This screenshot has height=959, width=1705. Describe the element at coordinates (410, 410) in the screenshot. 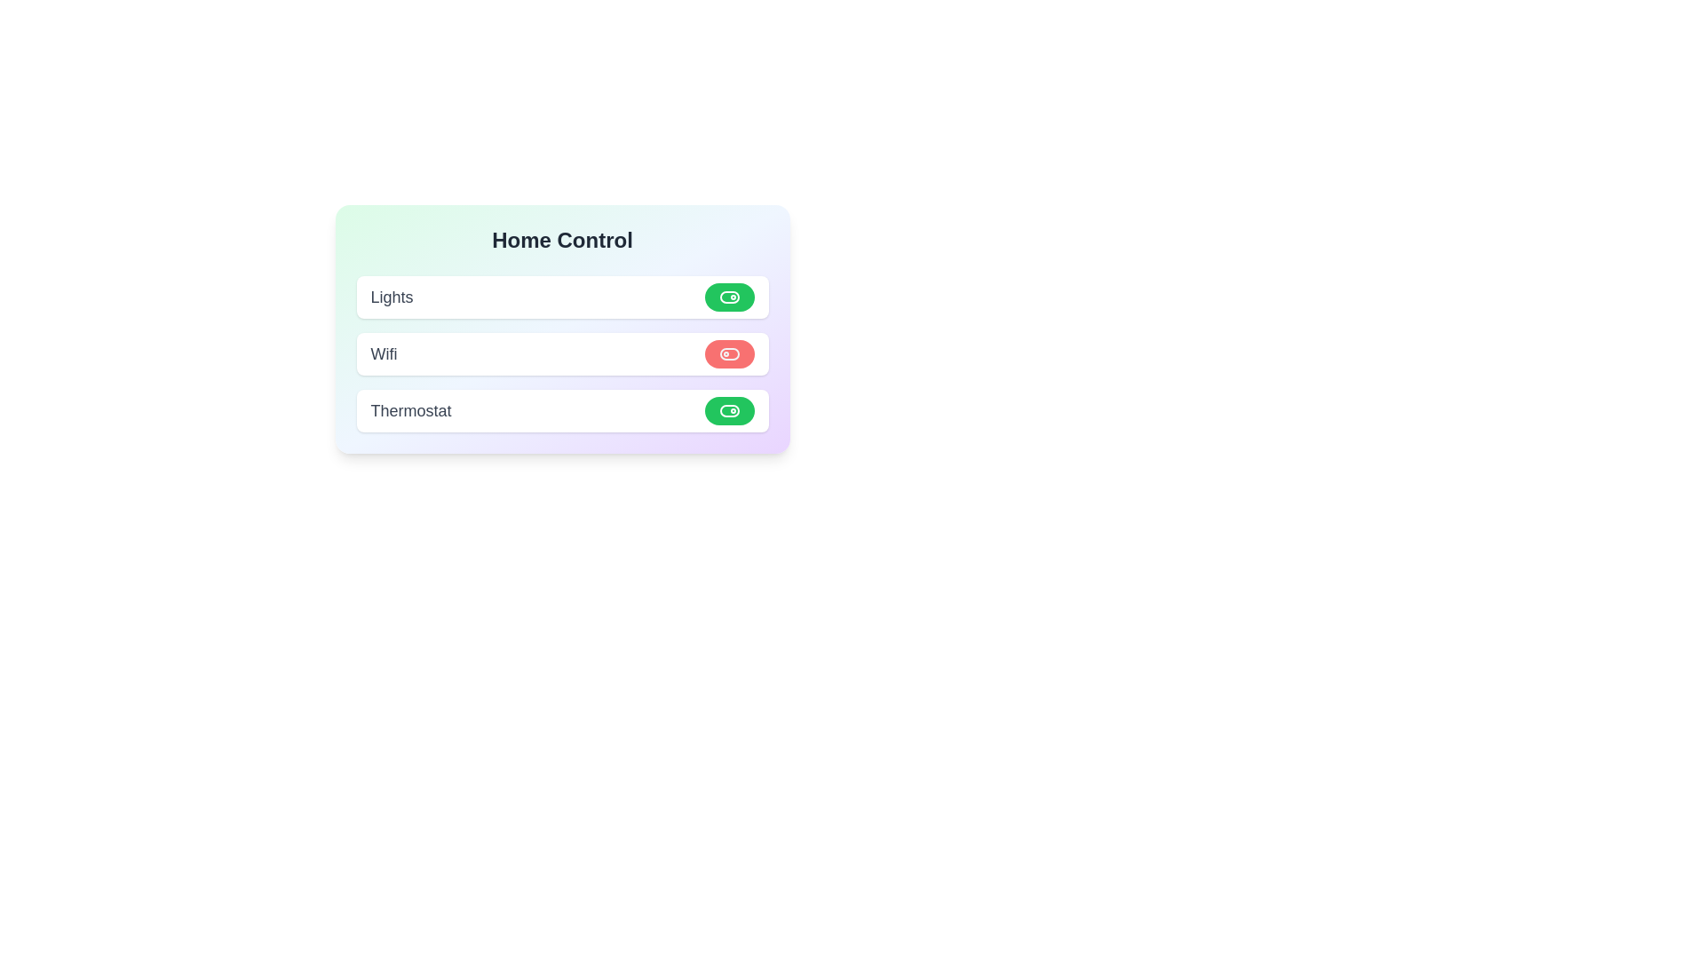

I see `the text label indicating the thermostat control, which is positioned to the left of the toggle switch within a card in a vertical list of items including 'Lights,' 'Wifi,' and 'Thermostat.'` at that location.